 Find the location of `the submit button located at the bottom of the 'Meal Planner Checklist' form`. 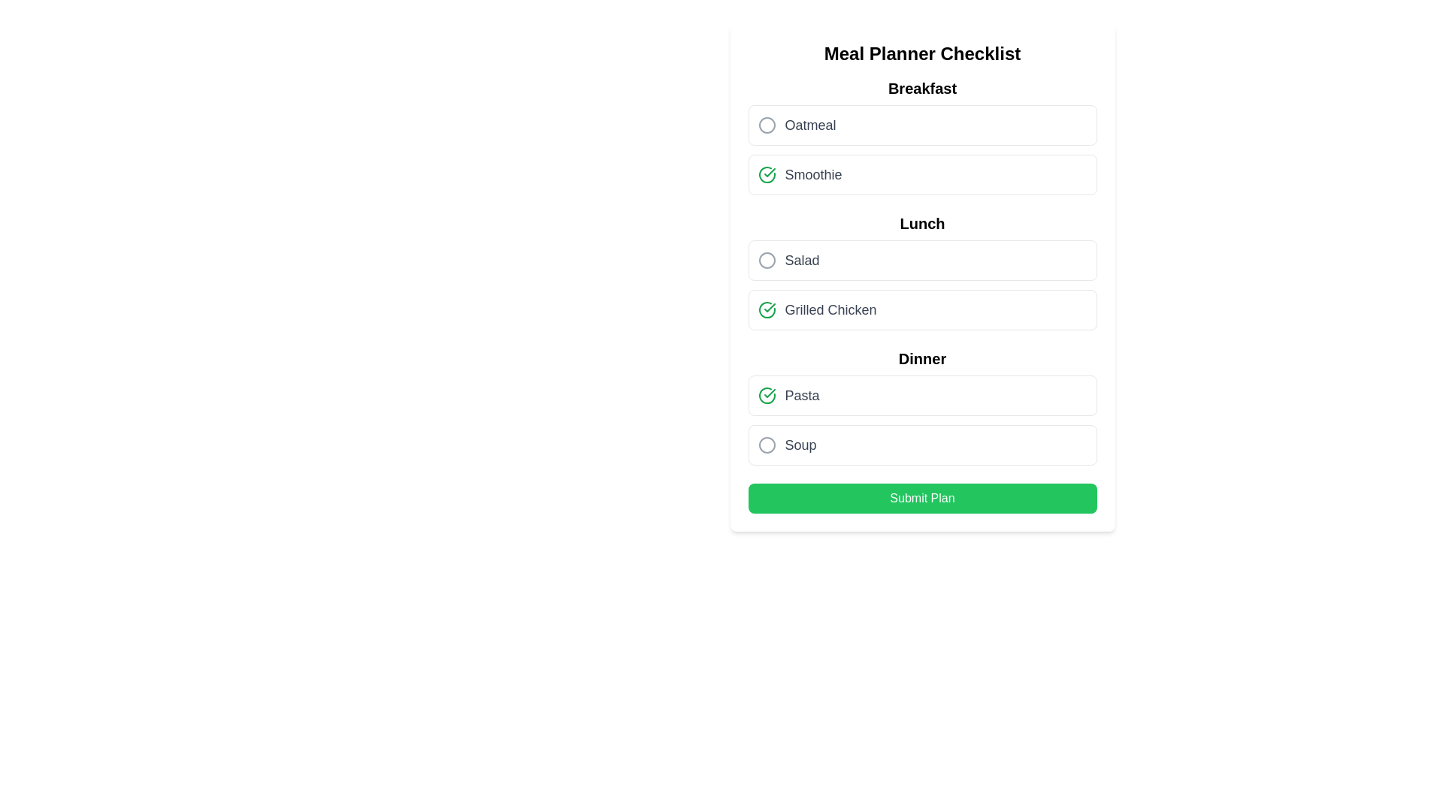

the submit button located at the bottom of the 'Meal Planner Checklist' form is located at coordinates (921, 498).